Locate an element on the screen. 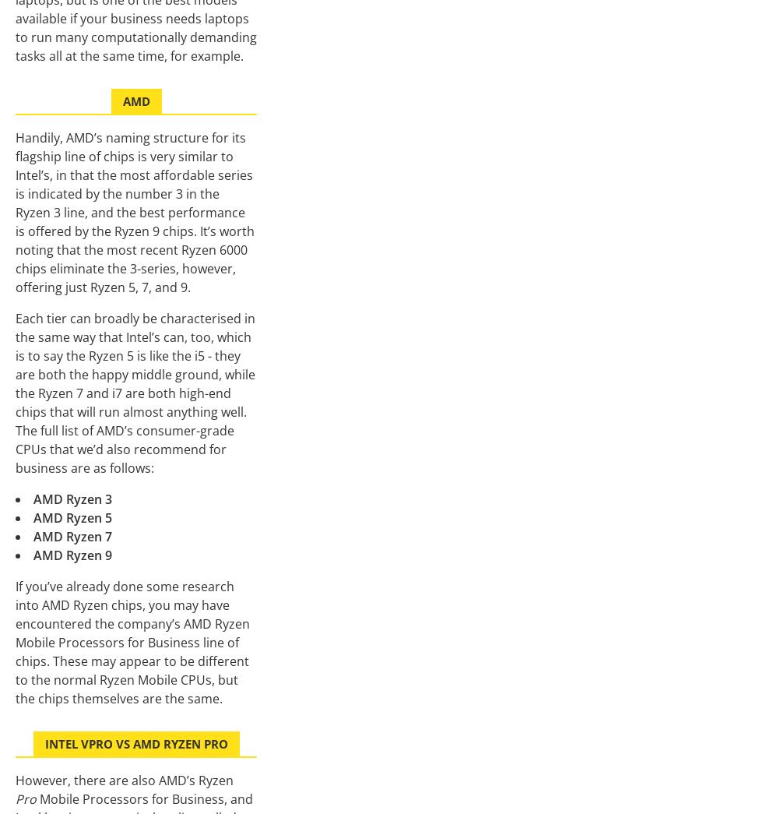 The height and width of the screenshot is (814, 763). 'AMD' is located at coordinates (121, 100).